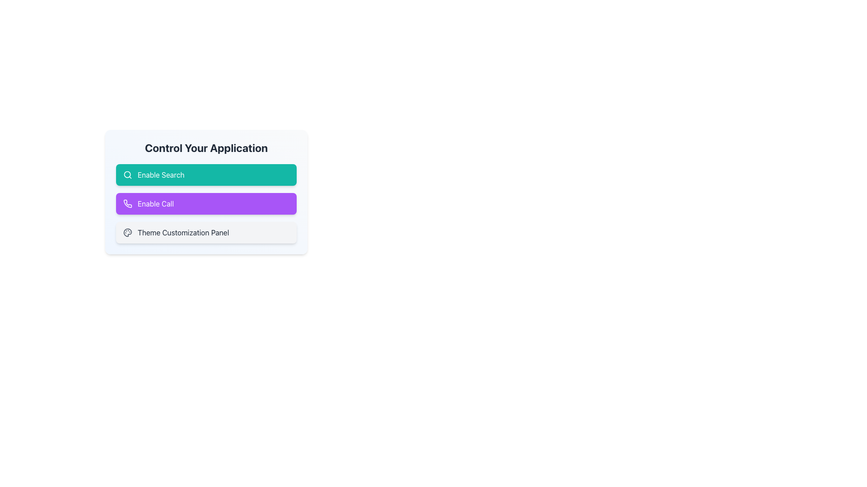 The width and height of the screenshot is (867, 487). I want to click on the phone icon located inside the purple button labeled 'Enable Call', so click(127, 203).